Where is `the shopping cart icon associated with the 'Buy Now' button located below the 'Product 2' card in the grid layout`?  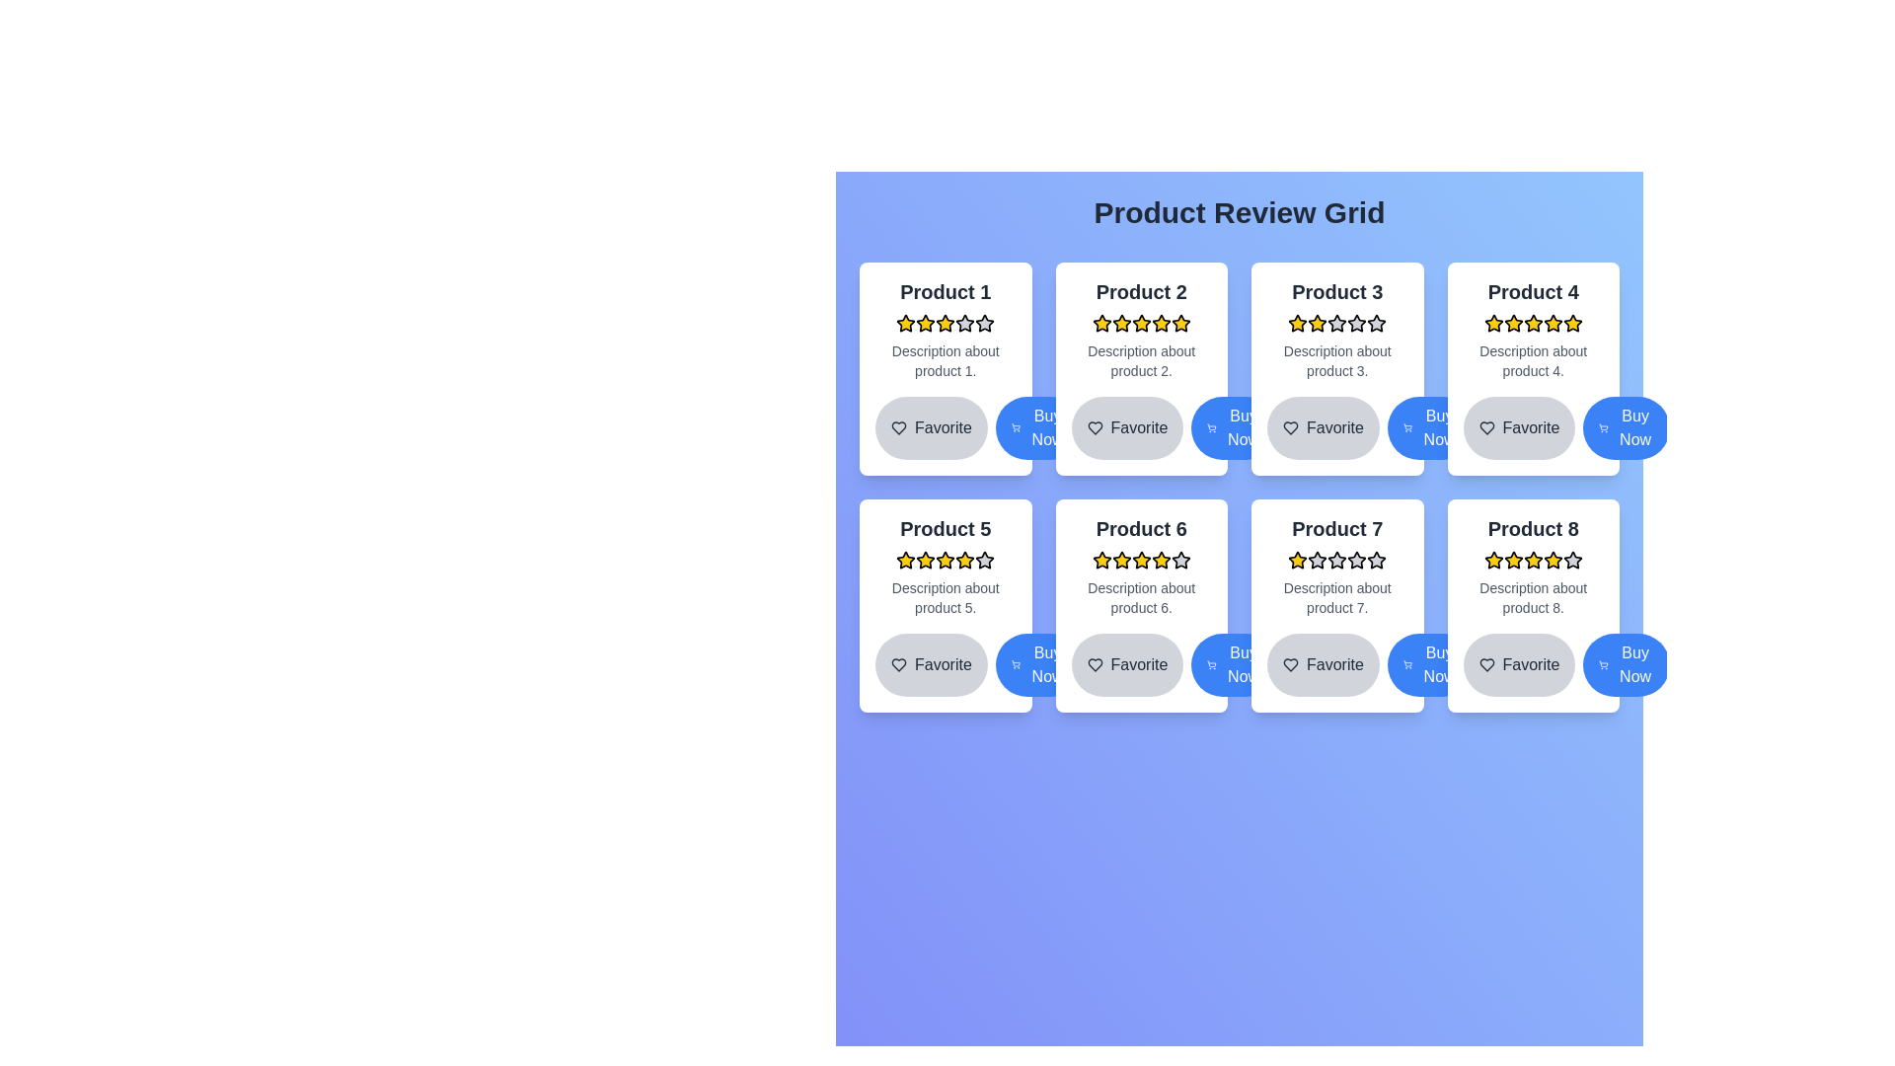
the shopping cart icon associated with the 'Buy Now' button located below the 'Product 2' card in the grid layout is located at coordinates (1016, 427).